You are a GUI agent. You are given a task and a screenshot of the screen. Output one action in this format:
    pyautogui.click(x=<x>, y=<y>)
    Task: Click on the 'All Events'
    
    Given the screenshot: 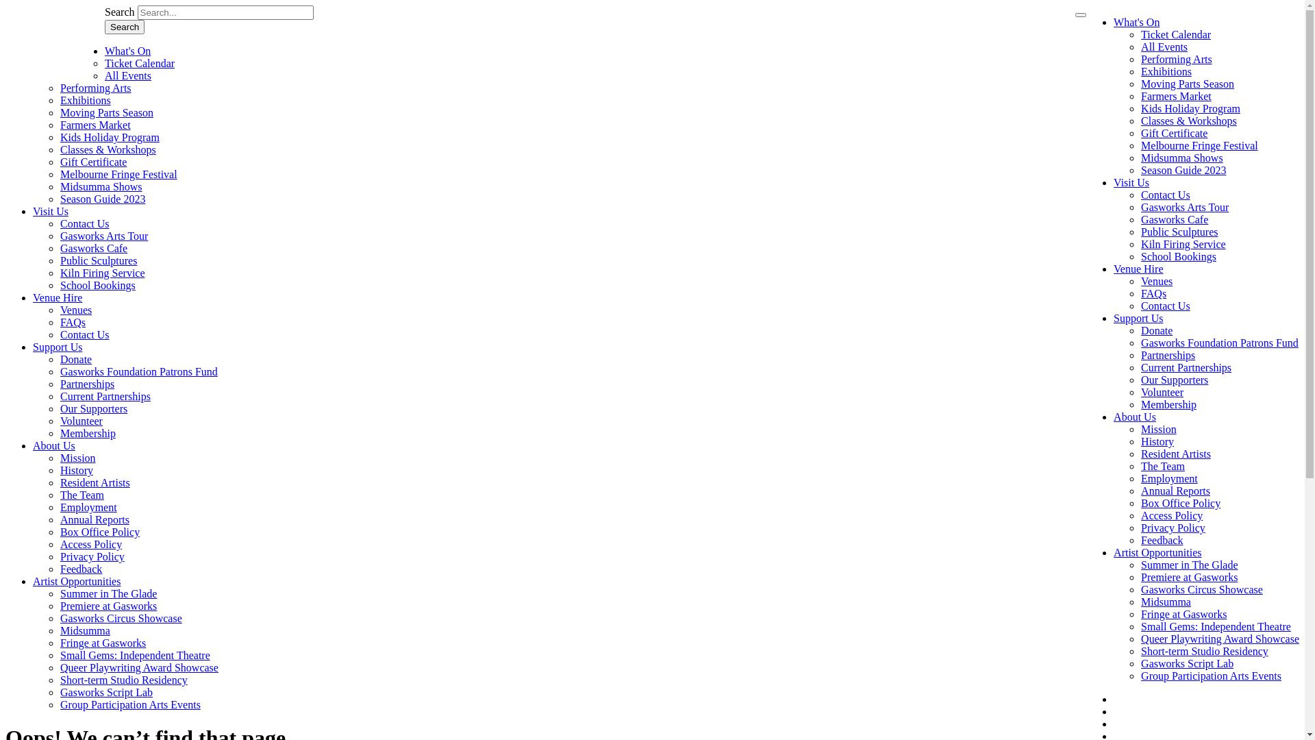 What is the action you would take?
    pyautogui.click(x=1163, y=46)
    